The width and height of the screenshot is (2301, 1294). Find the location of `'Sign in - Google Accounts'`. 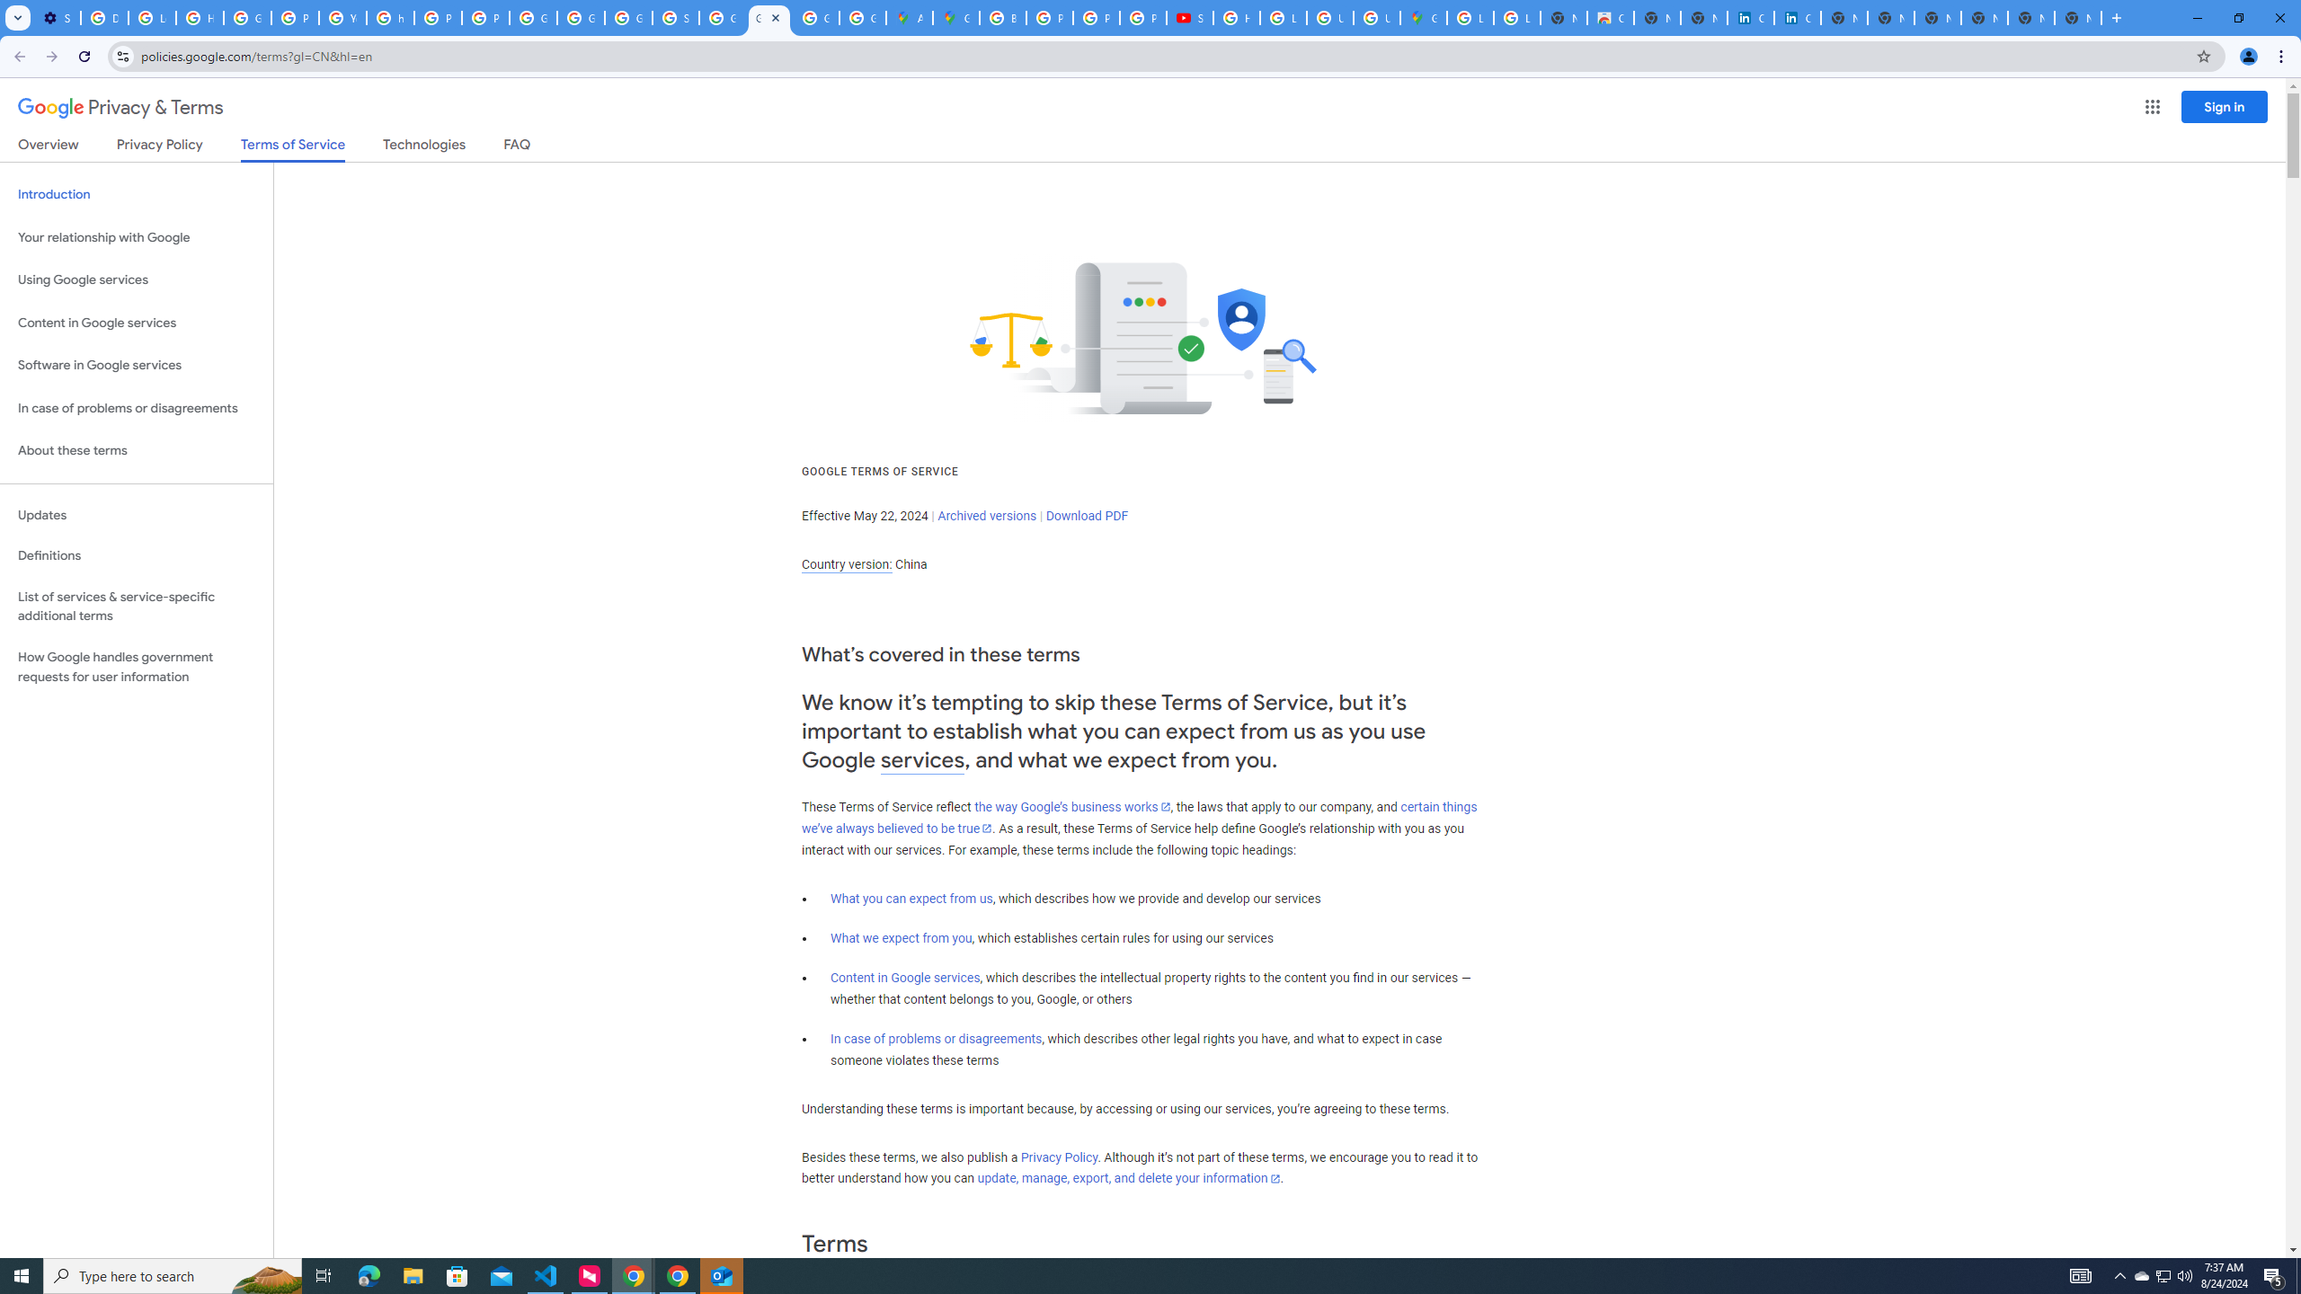

'Sign in - Google Accounts' is located at coordinates (674, 17).